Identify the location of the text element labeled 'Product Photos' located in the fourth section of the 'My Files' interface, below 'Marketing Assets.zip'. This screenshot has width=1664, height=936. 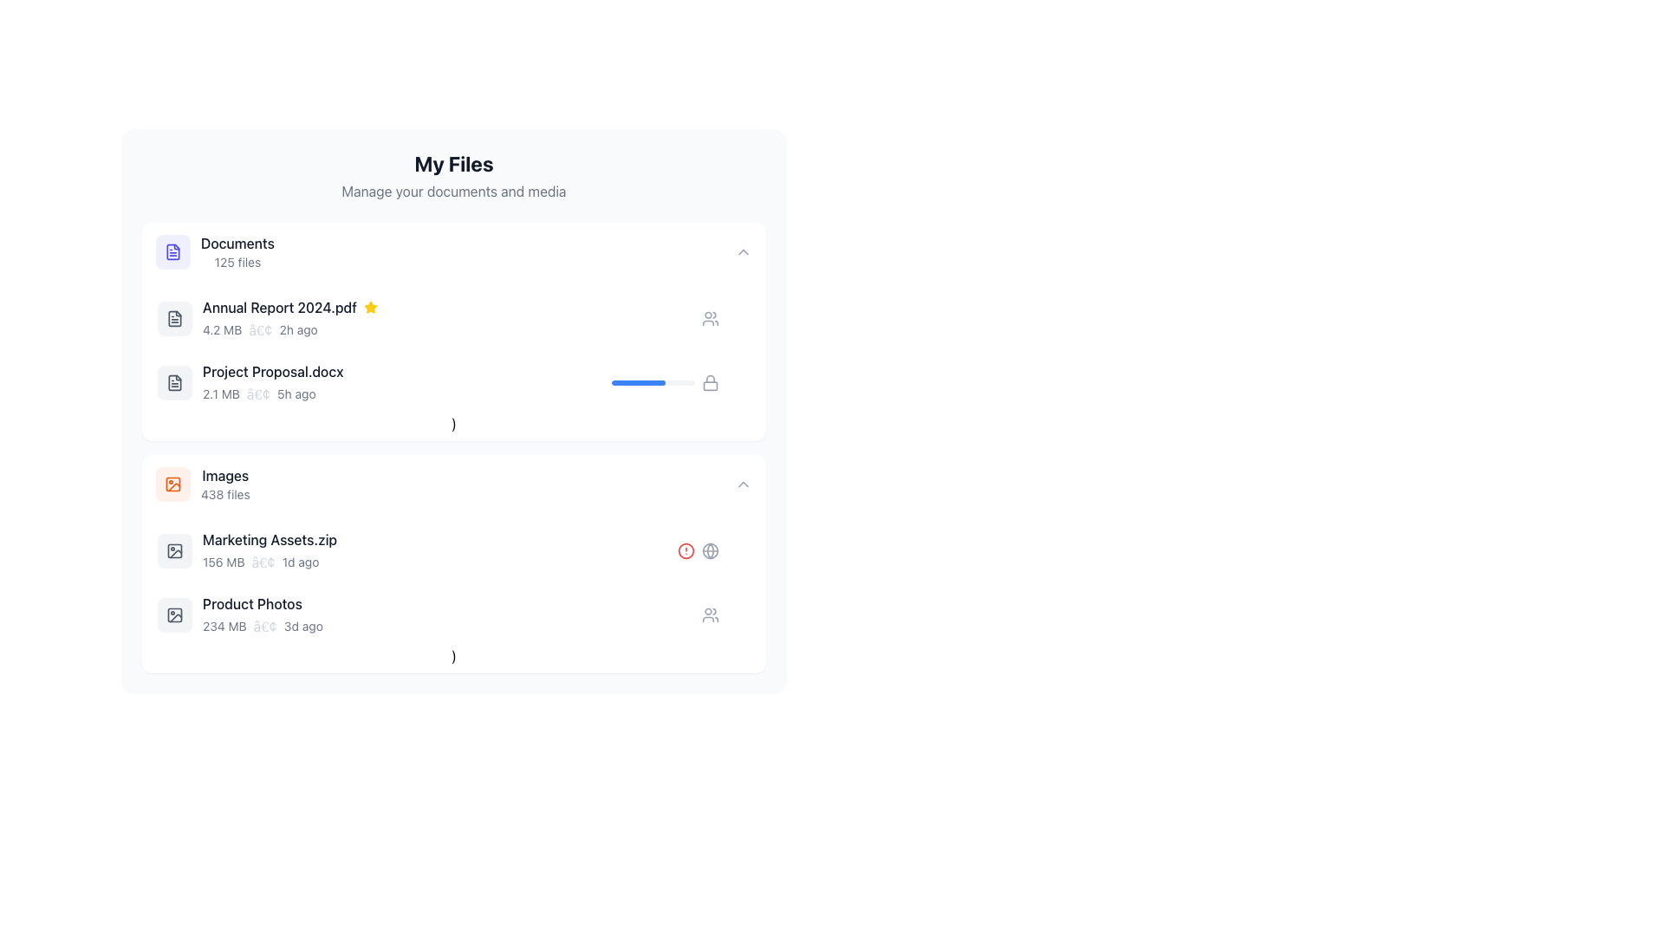
(251, 603).